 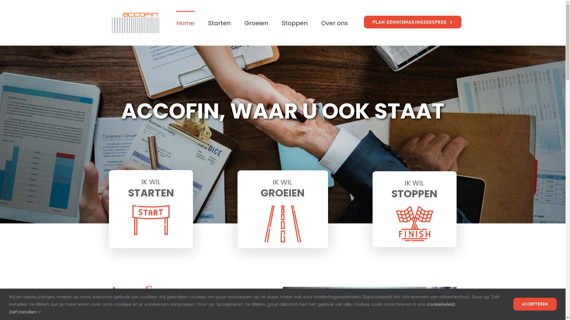 I want to click on 'Groeien', so click(x=256, y=23).